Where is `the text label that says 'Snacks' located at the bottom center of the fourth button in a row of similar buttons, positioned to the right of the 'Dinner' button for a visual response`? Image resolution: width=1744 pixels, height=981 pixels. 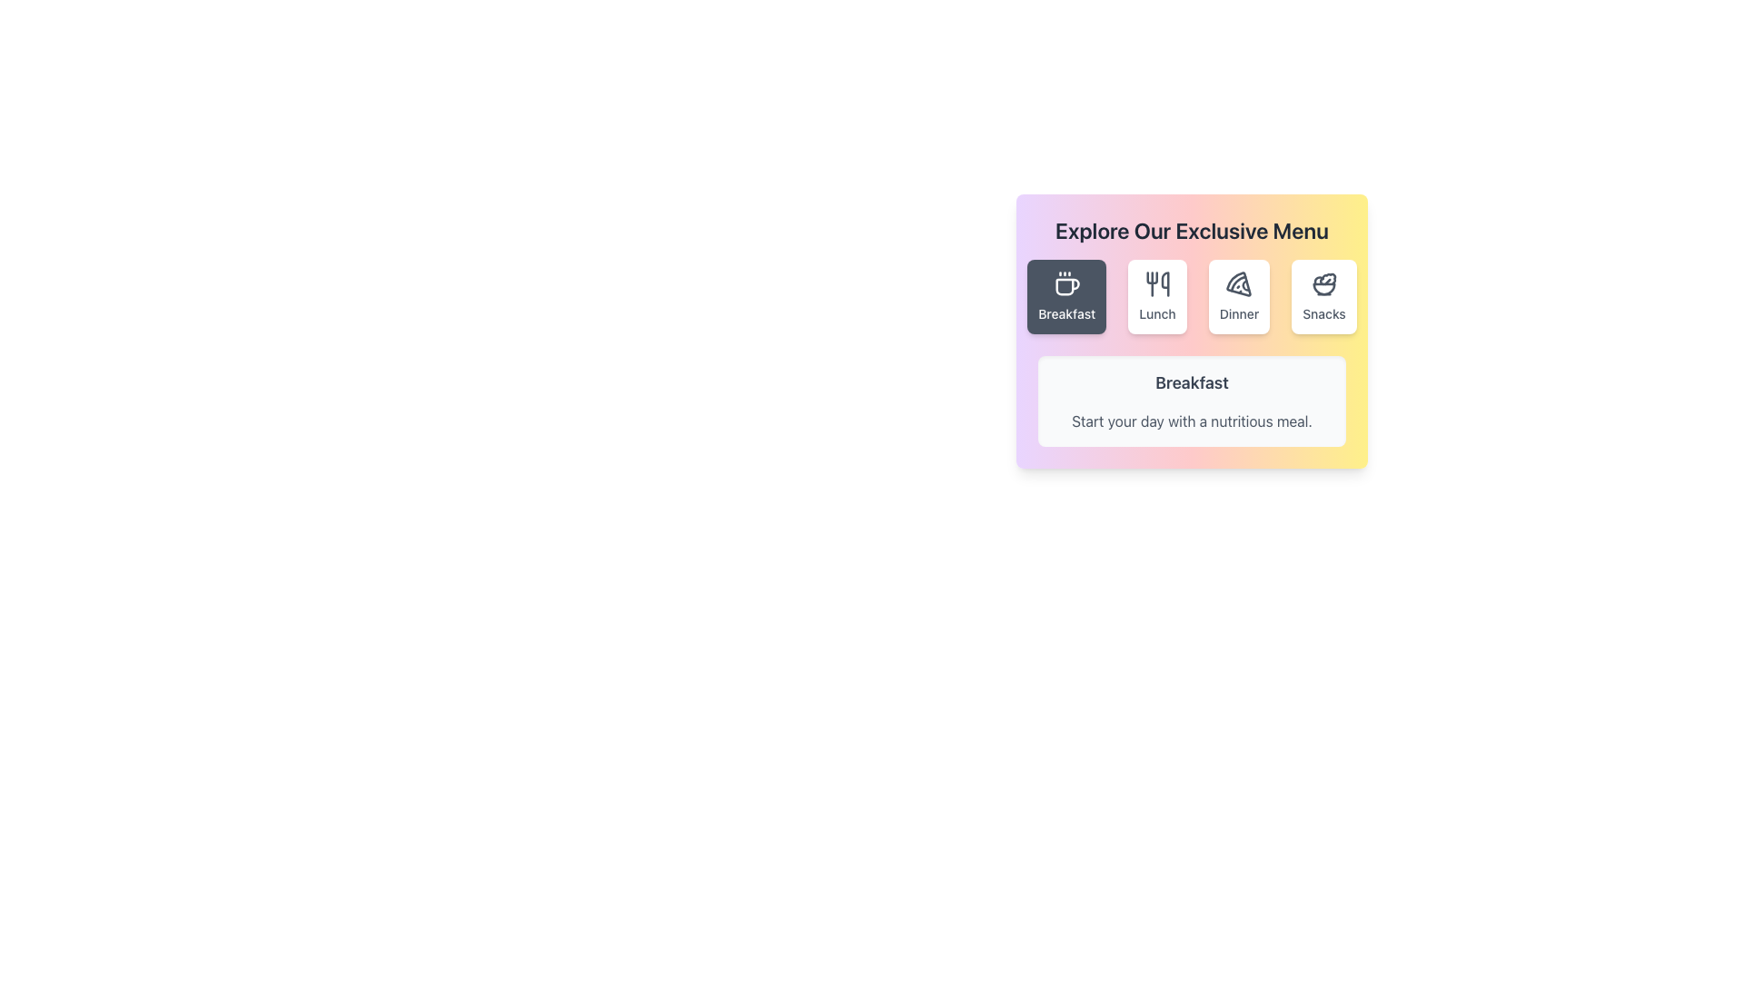 the text label that says 'Snacks' located at the bottom center of the fourth button in a row of similar buttons, positioned to the right of the 'Dinner' button for a visual response is located at coordinates (1324, 313).